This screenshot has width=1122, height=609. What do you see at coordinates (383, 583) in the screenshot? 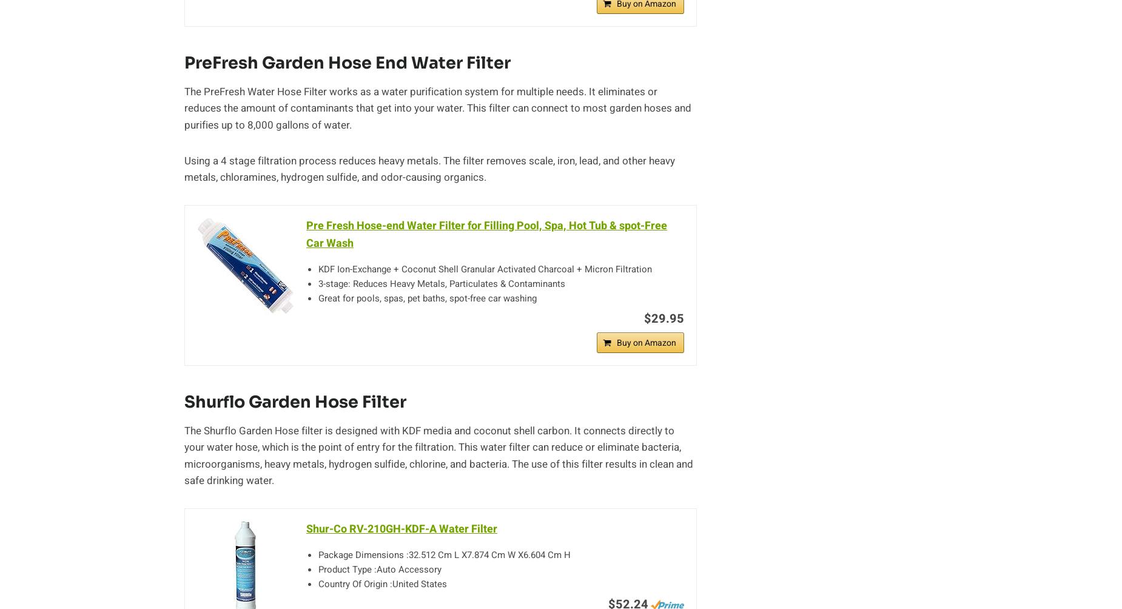
I see `'Country Of Origin :United States'` at bounding box center [383, 583].